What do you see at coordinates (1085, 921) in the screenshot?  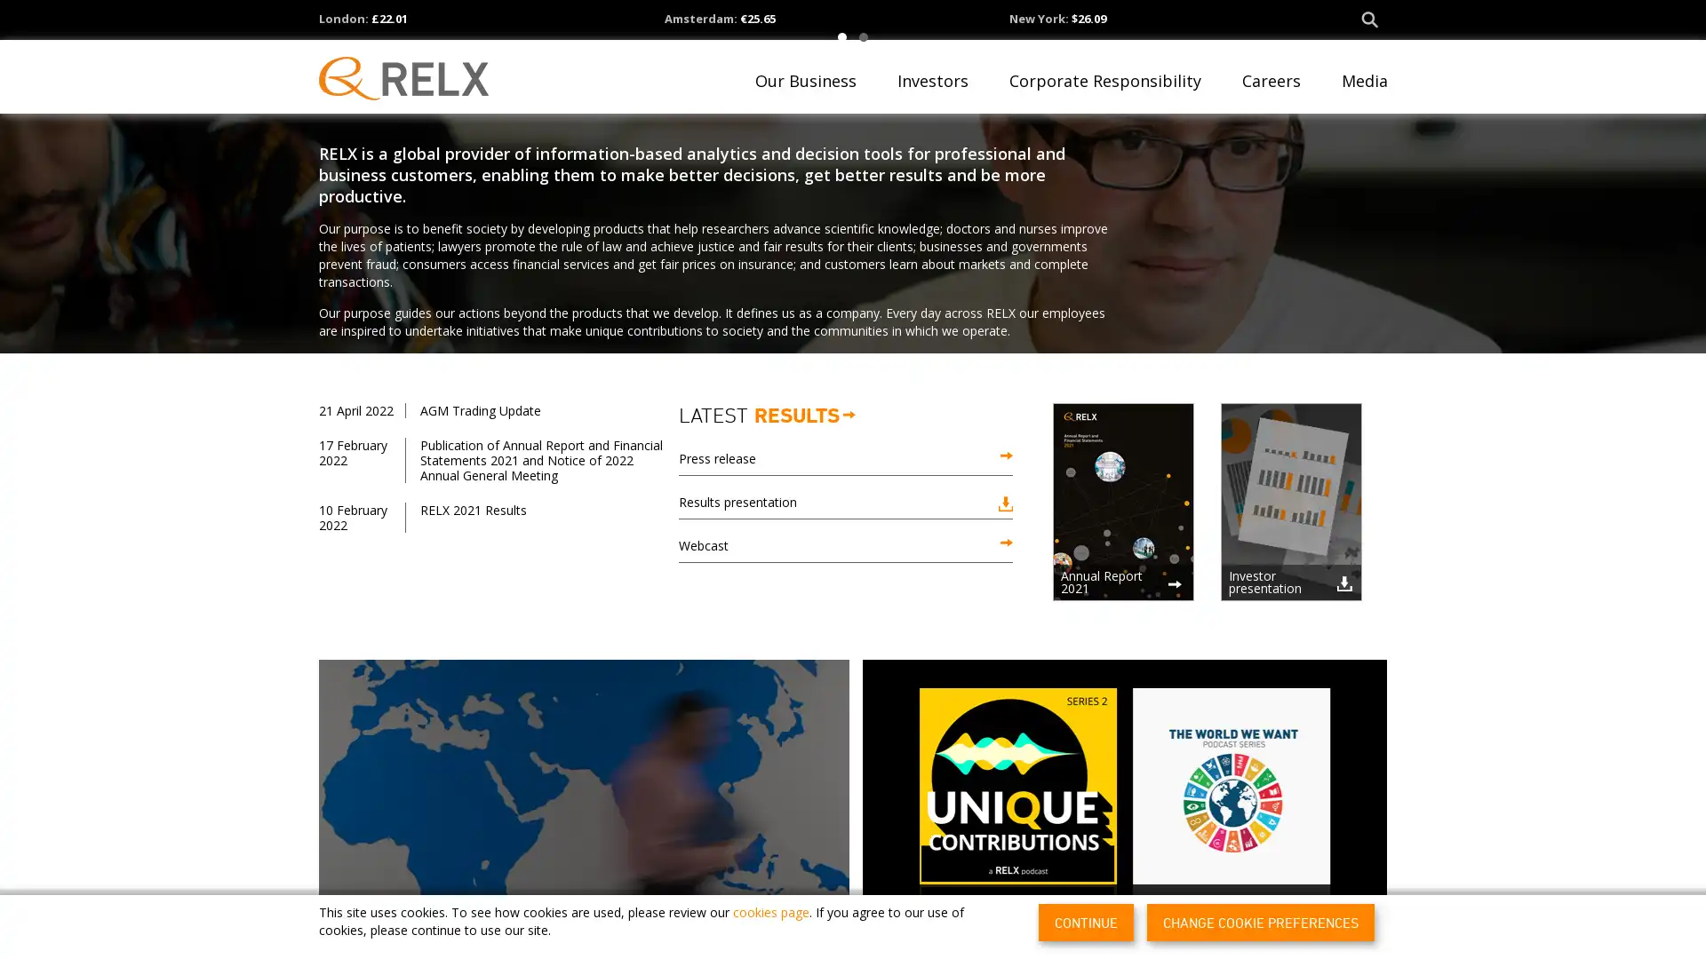 I see `CONTINUE` at bounding box center [1085, 921].